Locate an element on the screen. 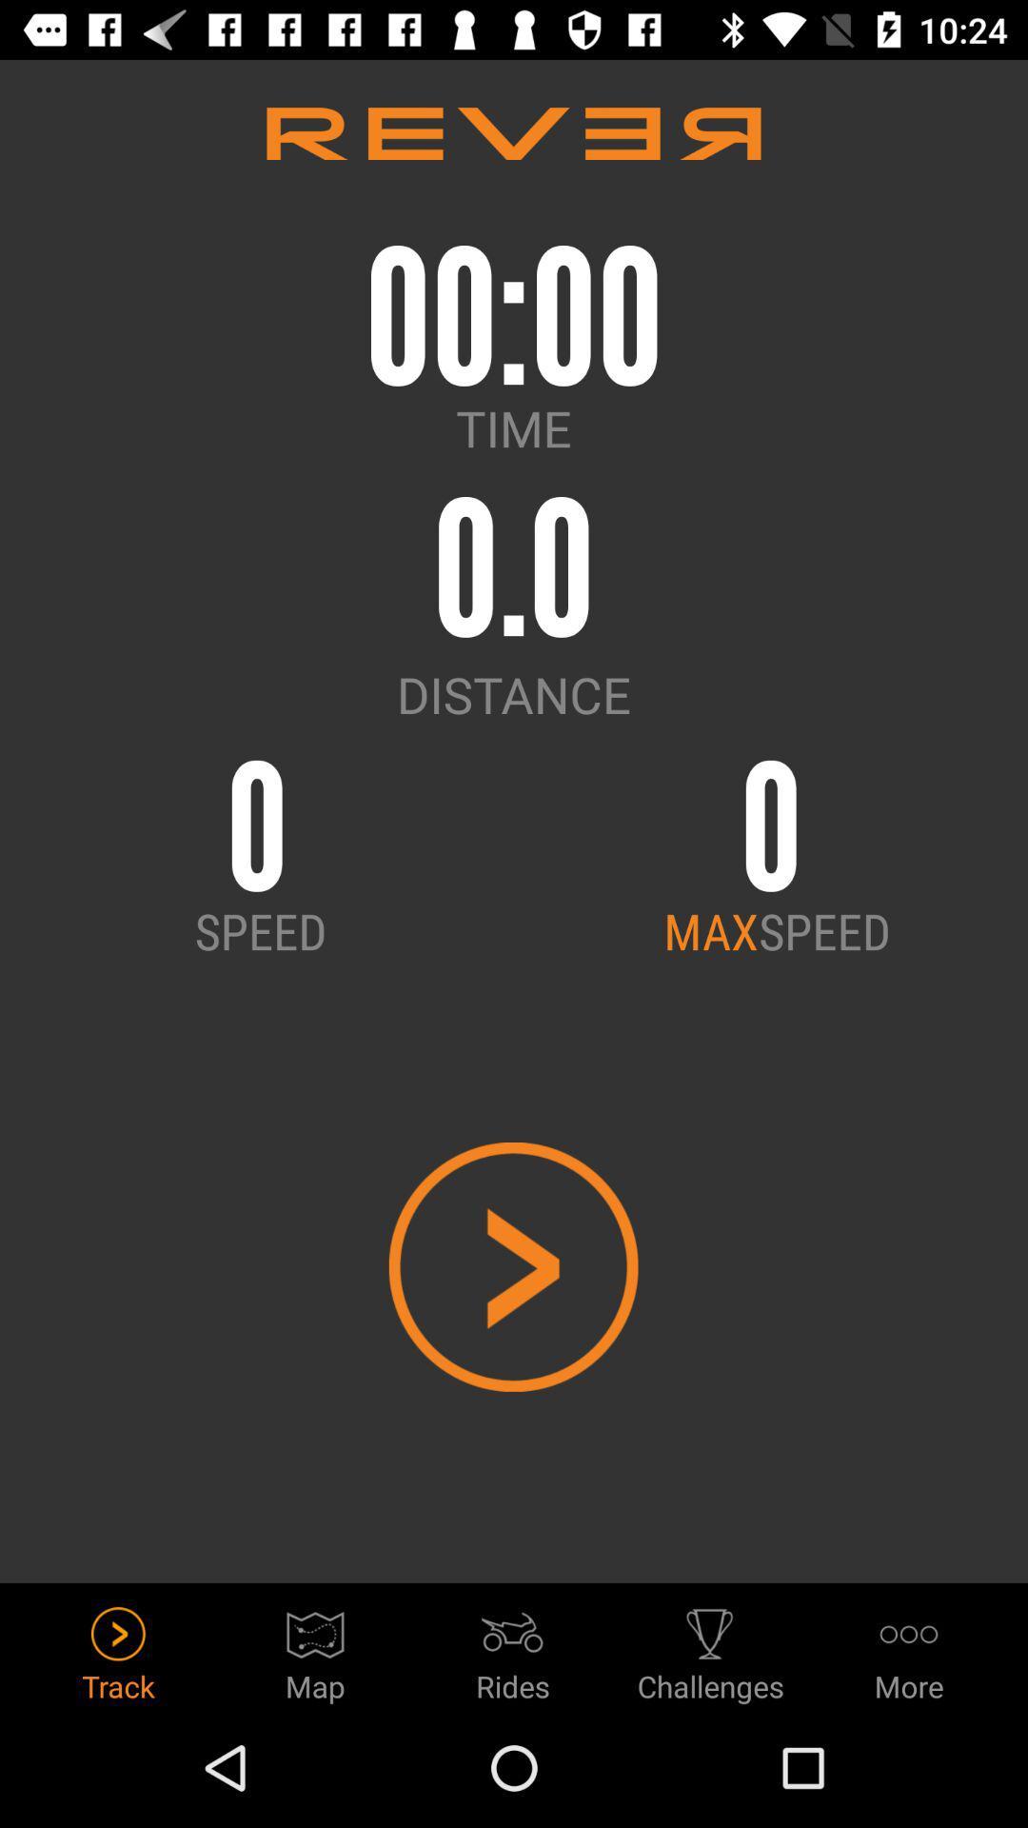  icon to the right of the map icon is located at coordinates (512, 1648).